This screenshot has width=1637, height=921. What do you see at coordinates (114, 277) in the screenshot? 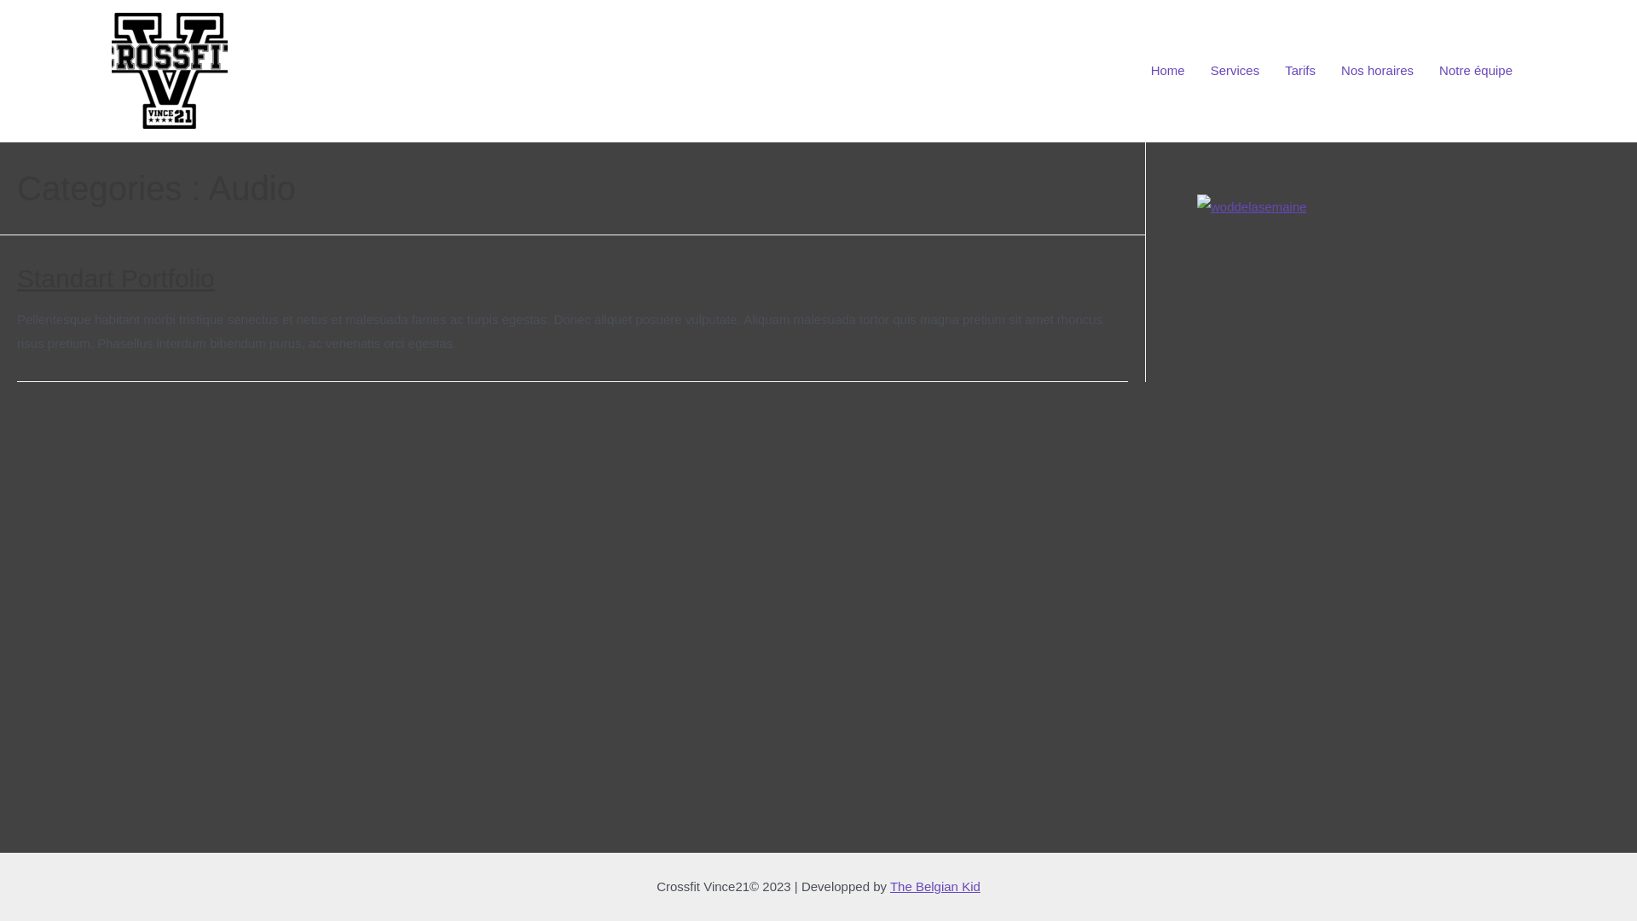
I see `'Standart Portfolio'` at bounding box center [114, 277].